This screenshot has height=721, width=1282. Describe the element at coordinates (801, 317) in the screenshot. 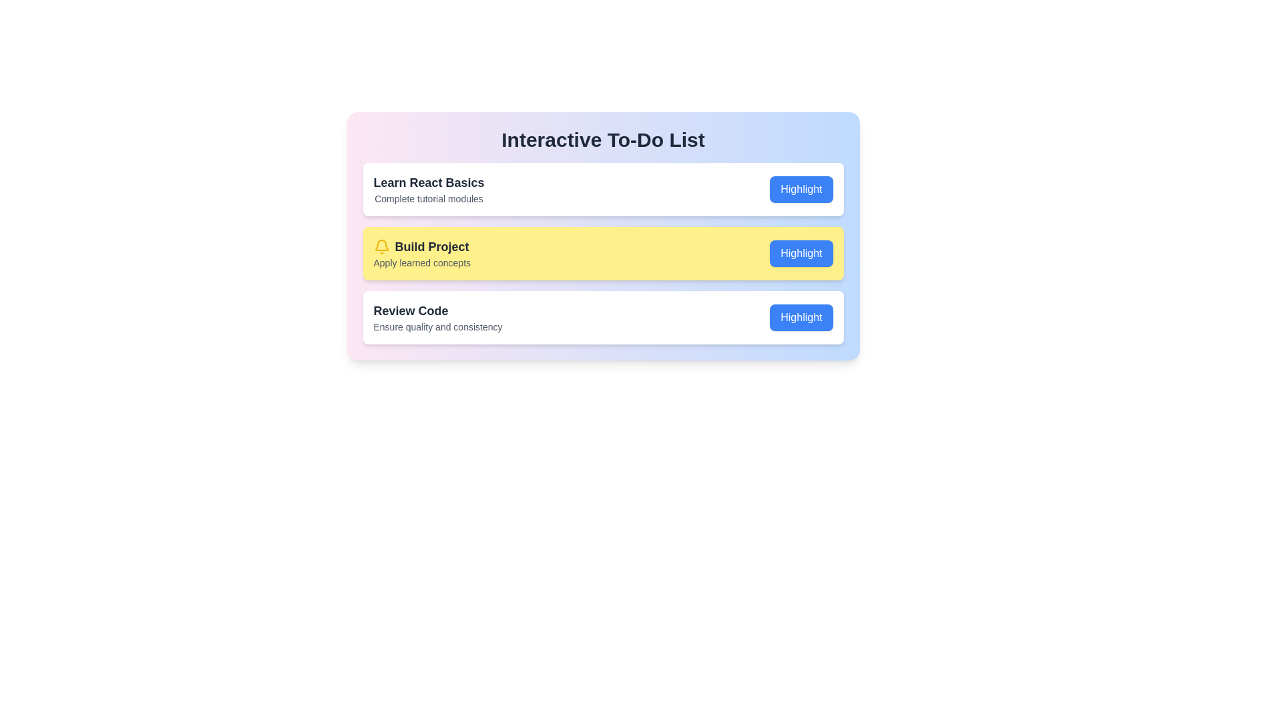

I see `the 'Highlight' button of the item with the name Review Code` at that location.